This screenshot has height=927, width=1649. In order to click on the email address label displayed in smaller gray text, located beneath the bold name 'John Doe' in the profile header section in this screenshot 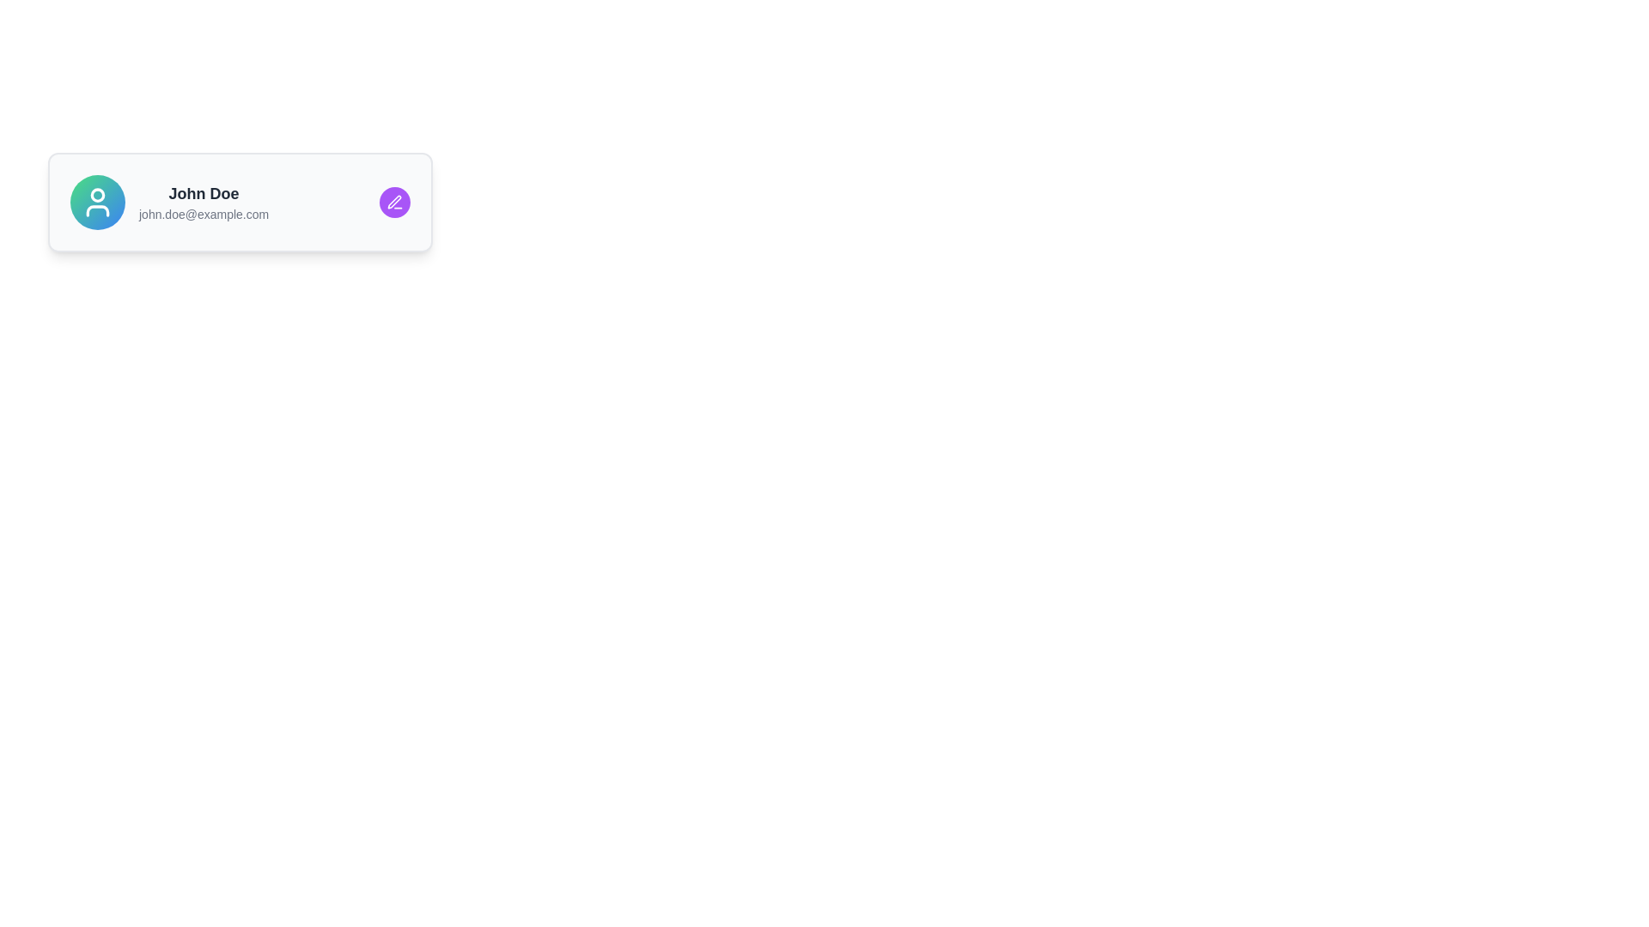, I will do `click(204, 214)`.